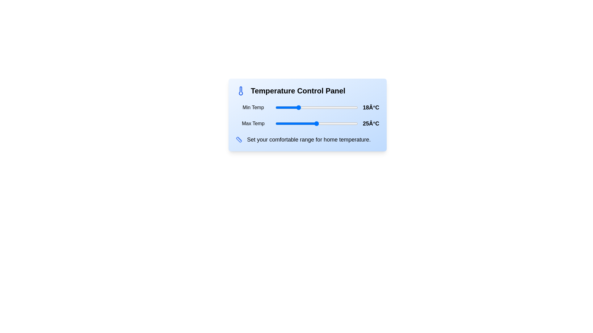 The width and height of the screenshot is (593, 333). Describe the element at coordinates (314, 107) in the screenshot. I see `the minimum temperature to 24°C using the slider` at that location.